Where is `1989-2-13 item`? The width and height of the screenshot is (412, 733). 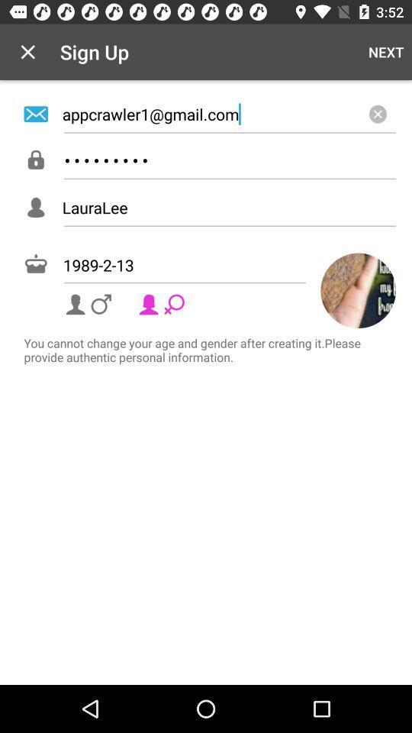
1989-2-13 item is located at coordinates (209, 265).